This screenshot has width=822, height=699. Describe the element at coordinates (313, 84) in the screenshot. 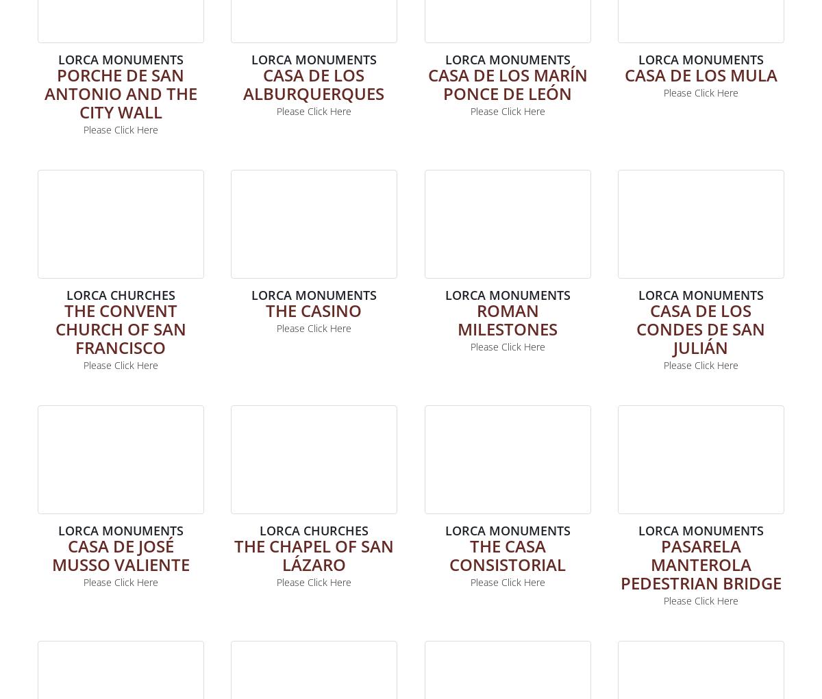

I see `'Casa de los Alburquerques'` at that location.